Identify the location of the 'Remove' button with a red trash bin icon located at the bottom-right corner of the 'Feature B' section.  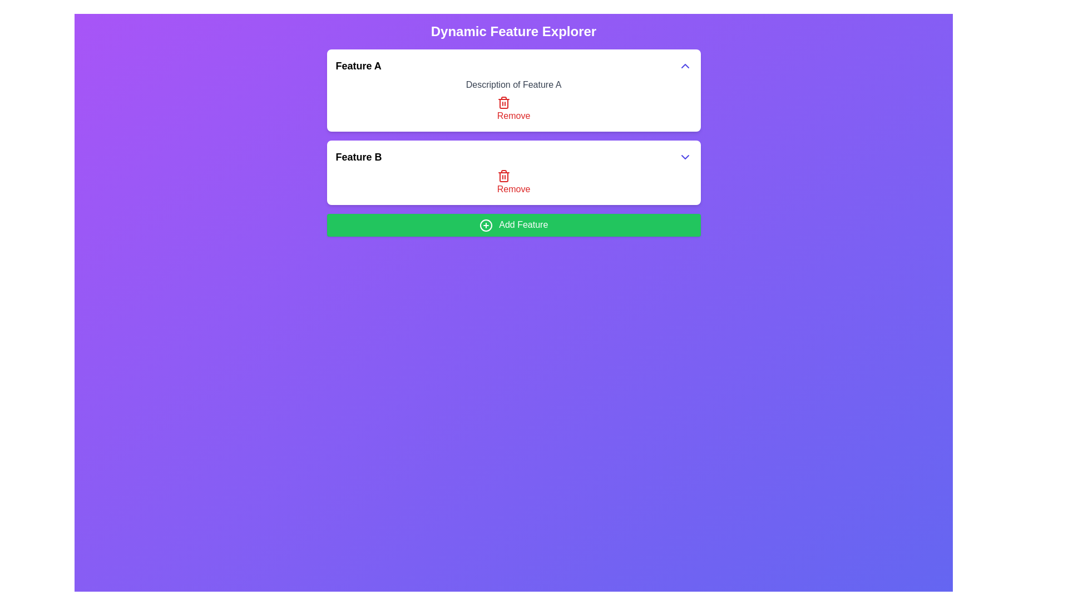
(513, 182).